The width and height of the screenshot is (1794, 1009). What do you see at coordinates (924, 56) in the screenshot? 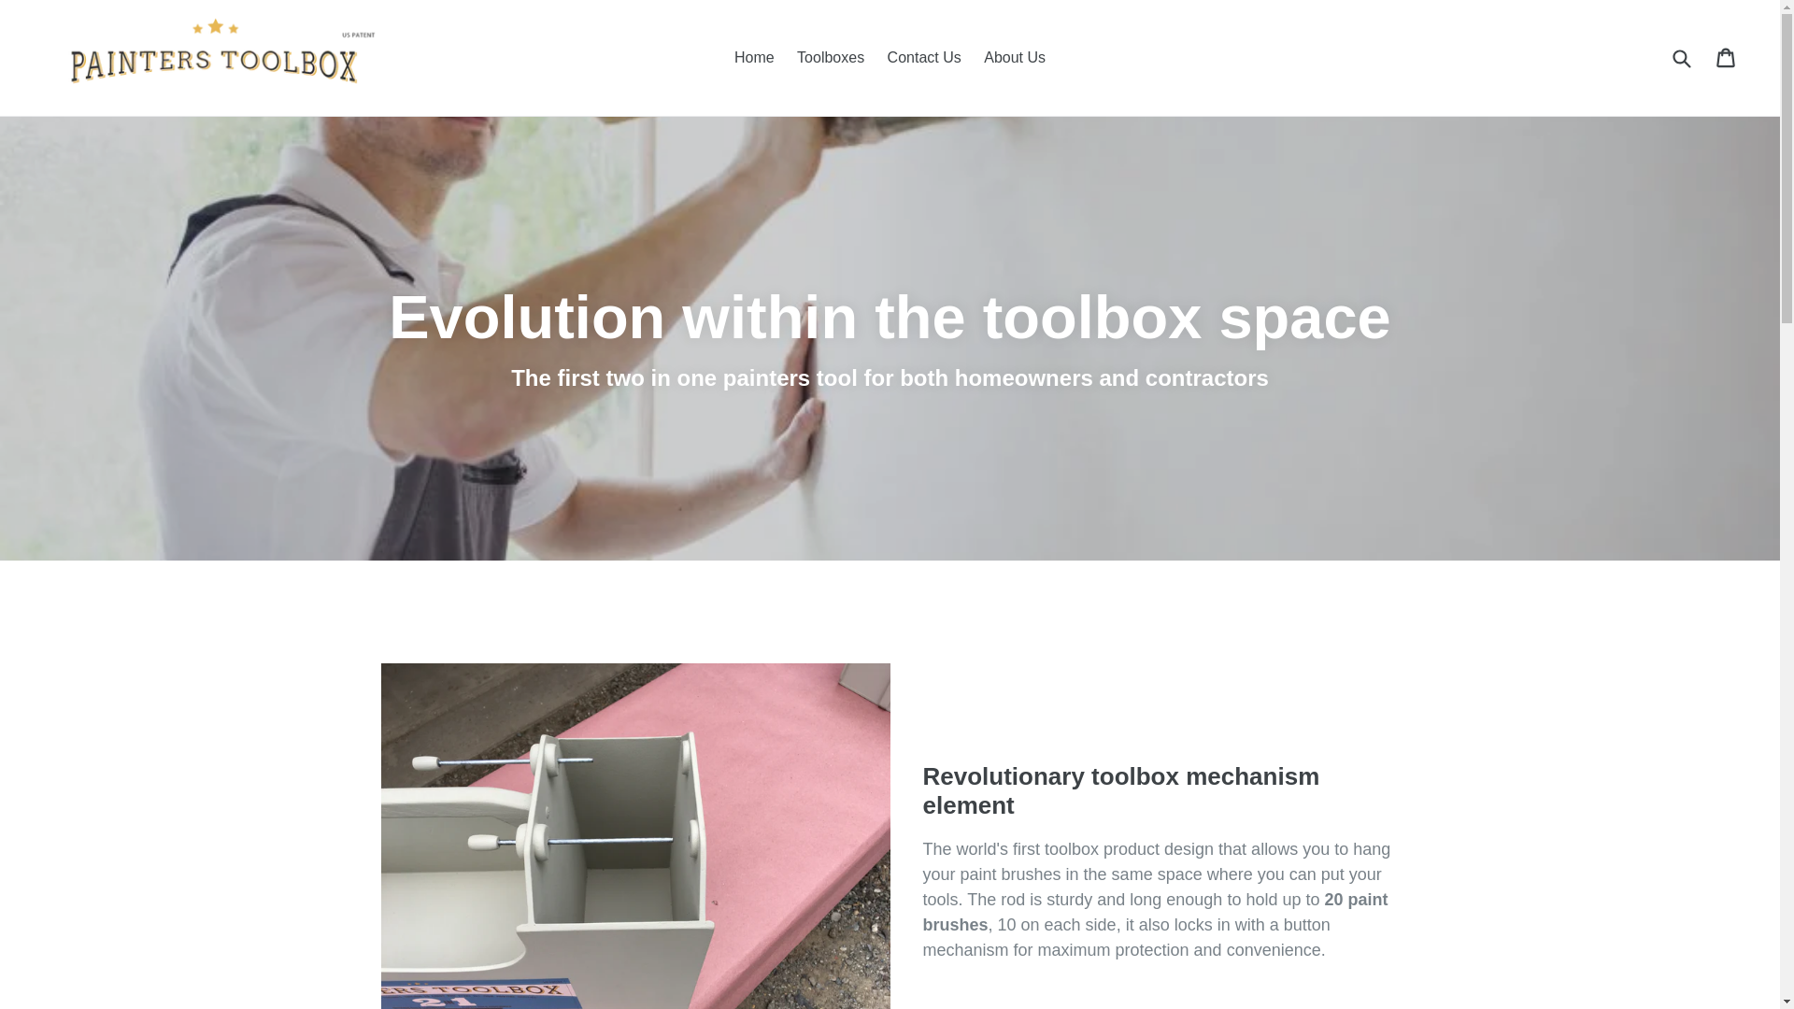
I see `'Contact Us'` at bounding box center [924, 56].